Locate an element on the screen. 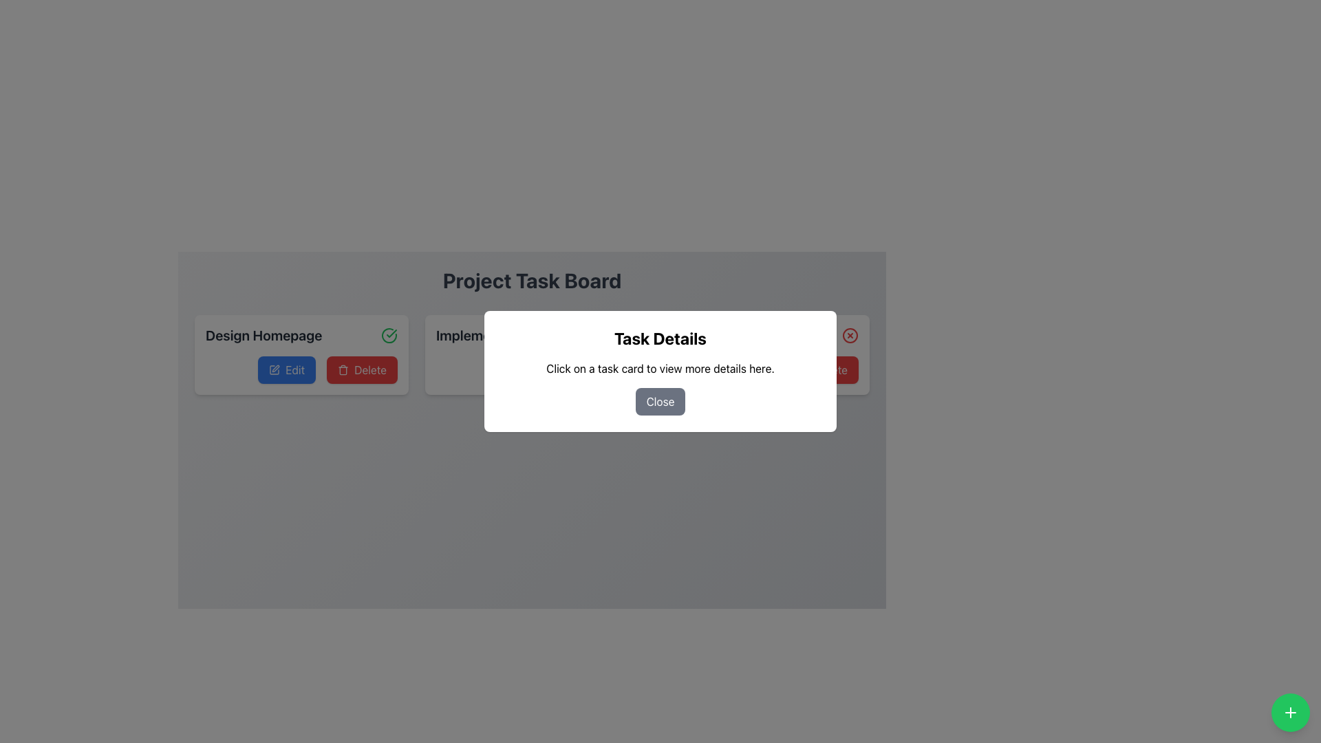 This screenshot has height=743, width=1321. the green circular icon with a checkmark inside, located at the top-right of the 'Design Homepage' section, to interact with the associated options like 'Edit' and 'Delete.' is located at coordinates (389, 336).